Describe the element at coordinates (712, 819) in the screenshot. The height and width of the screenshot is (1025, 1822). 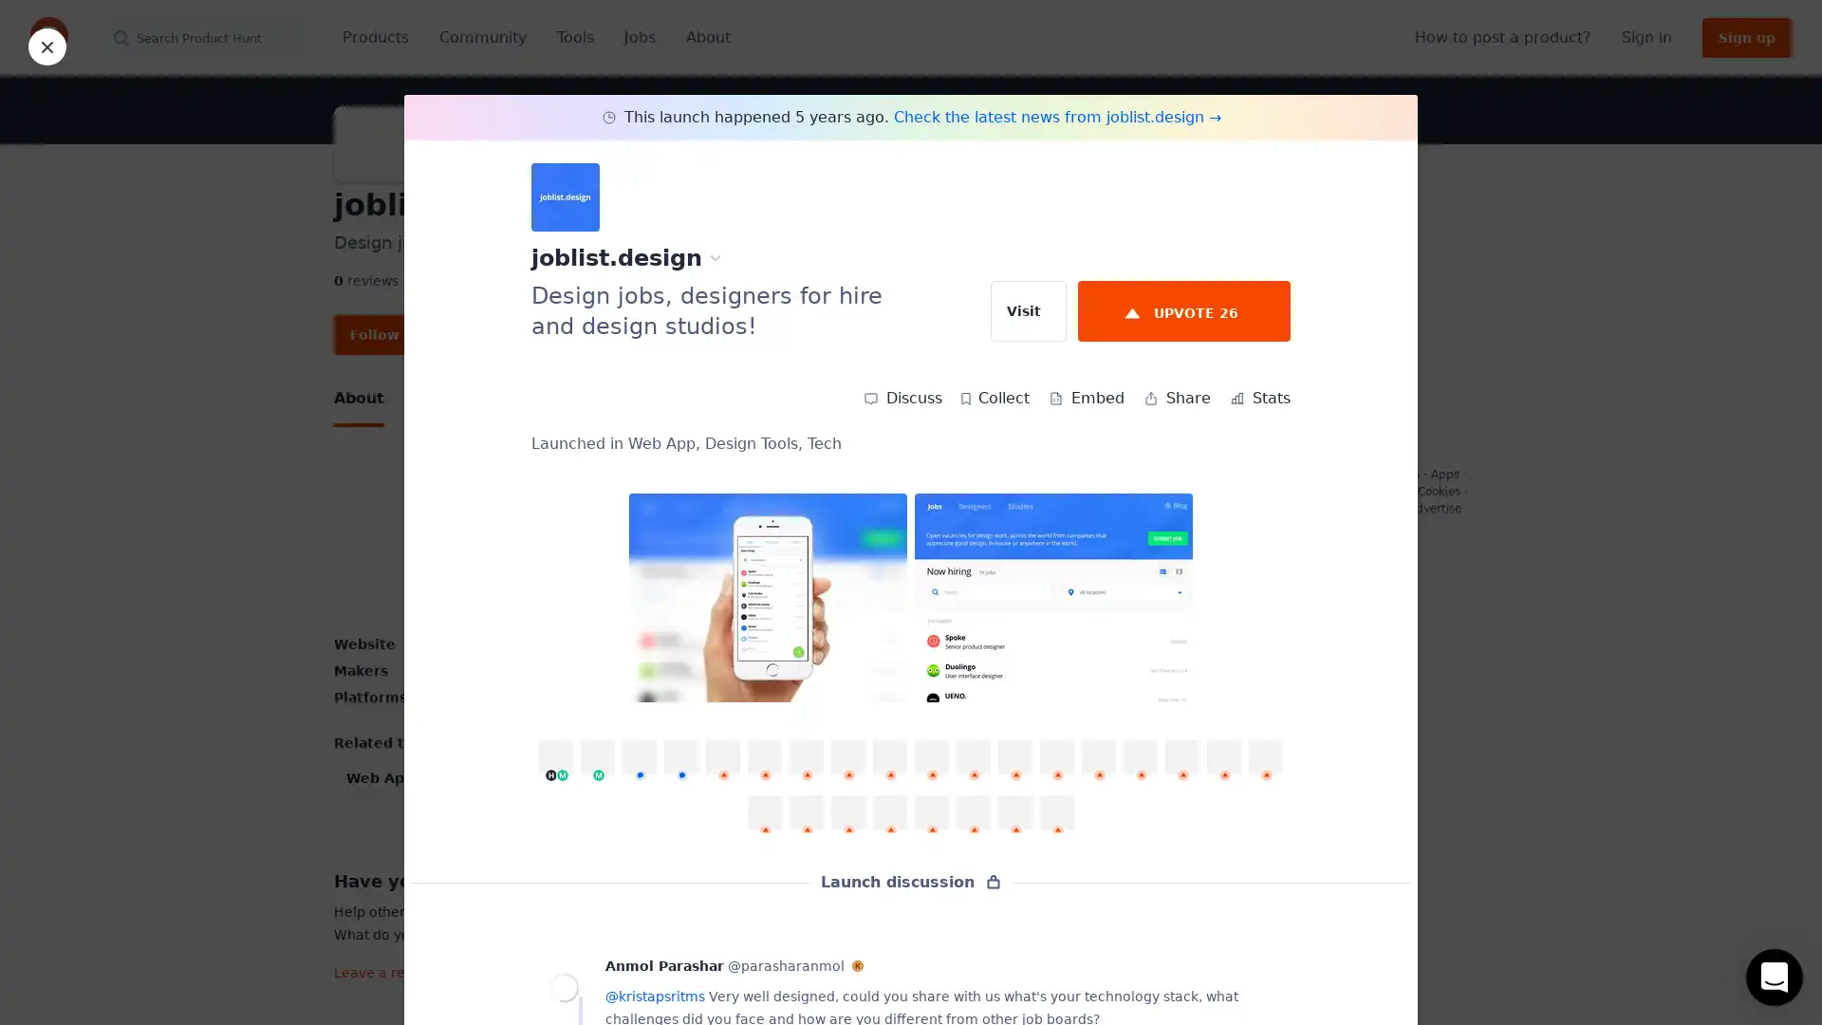
I see `Show less` at that location.